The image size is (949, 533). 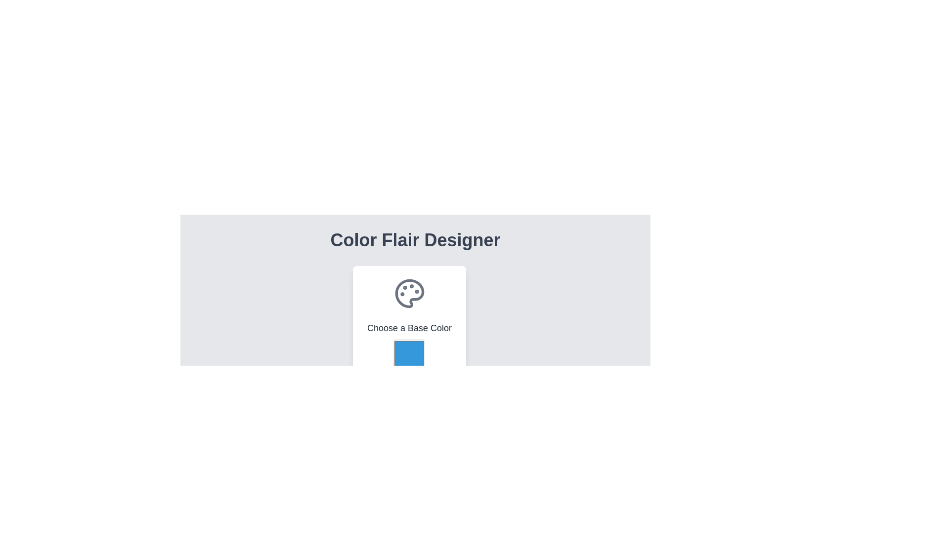 What do you see at coordinates (409, 328) in the screenshot?
I see `the informational Text label guiding the user to select a base color, located below the color palette icon and above the square color picker` at bounding box center [409, 328].